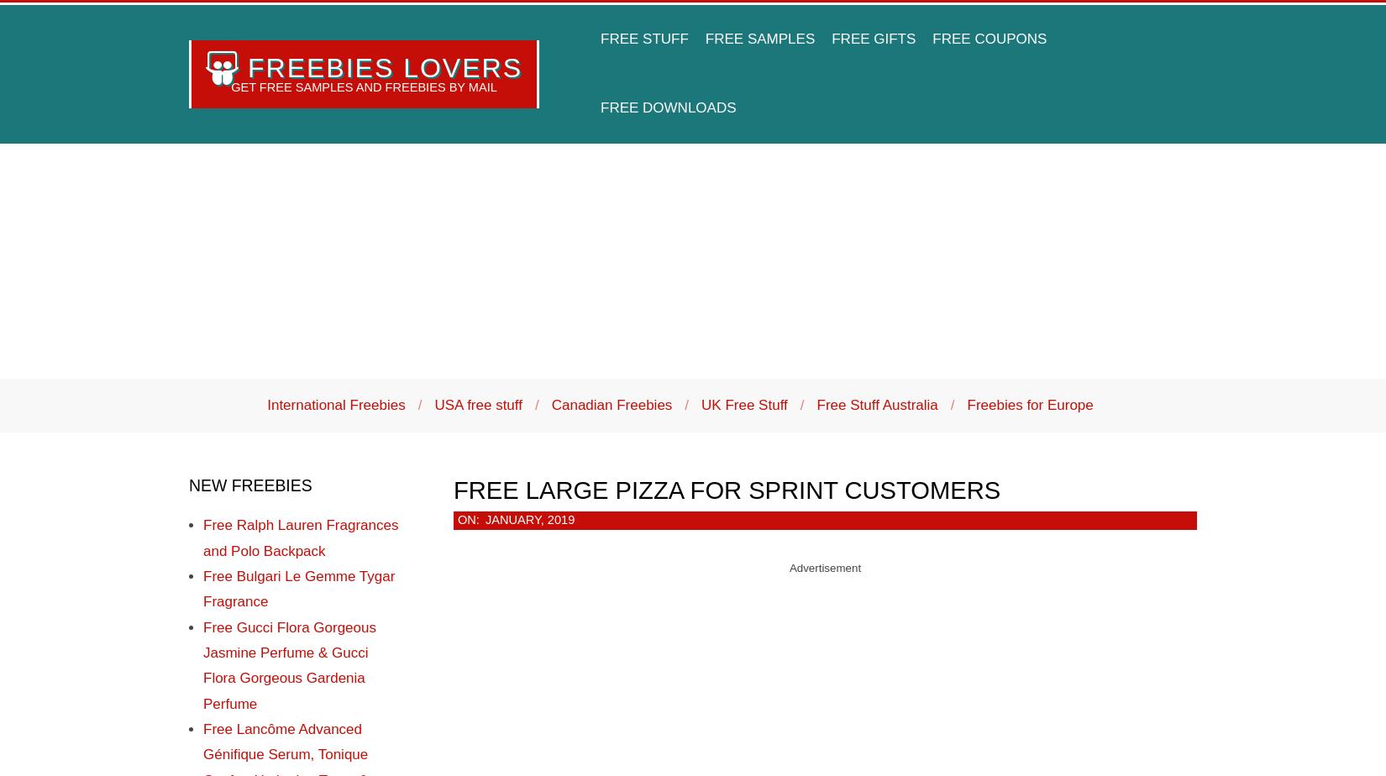 The image size is (1386, 776). Describe the element at coordinates (876, 404) in the screenshot. I see `'Free Stuff Australia'` at that location.